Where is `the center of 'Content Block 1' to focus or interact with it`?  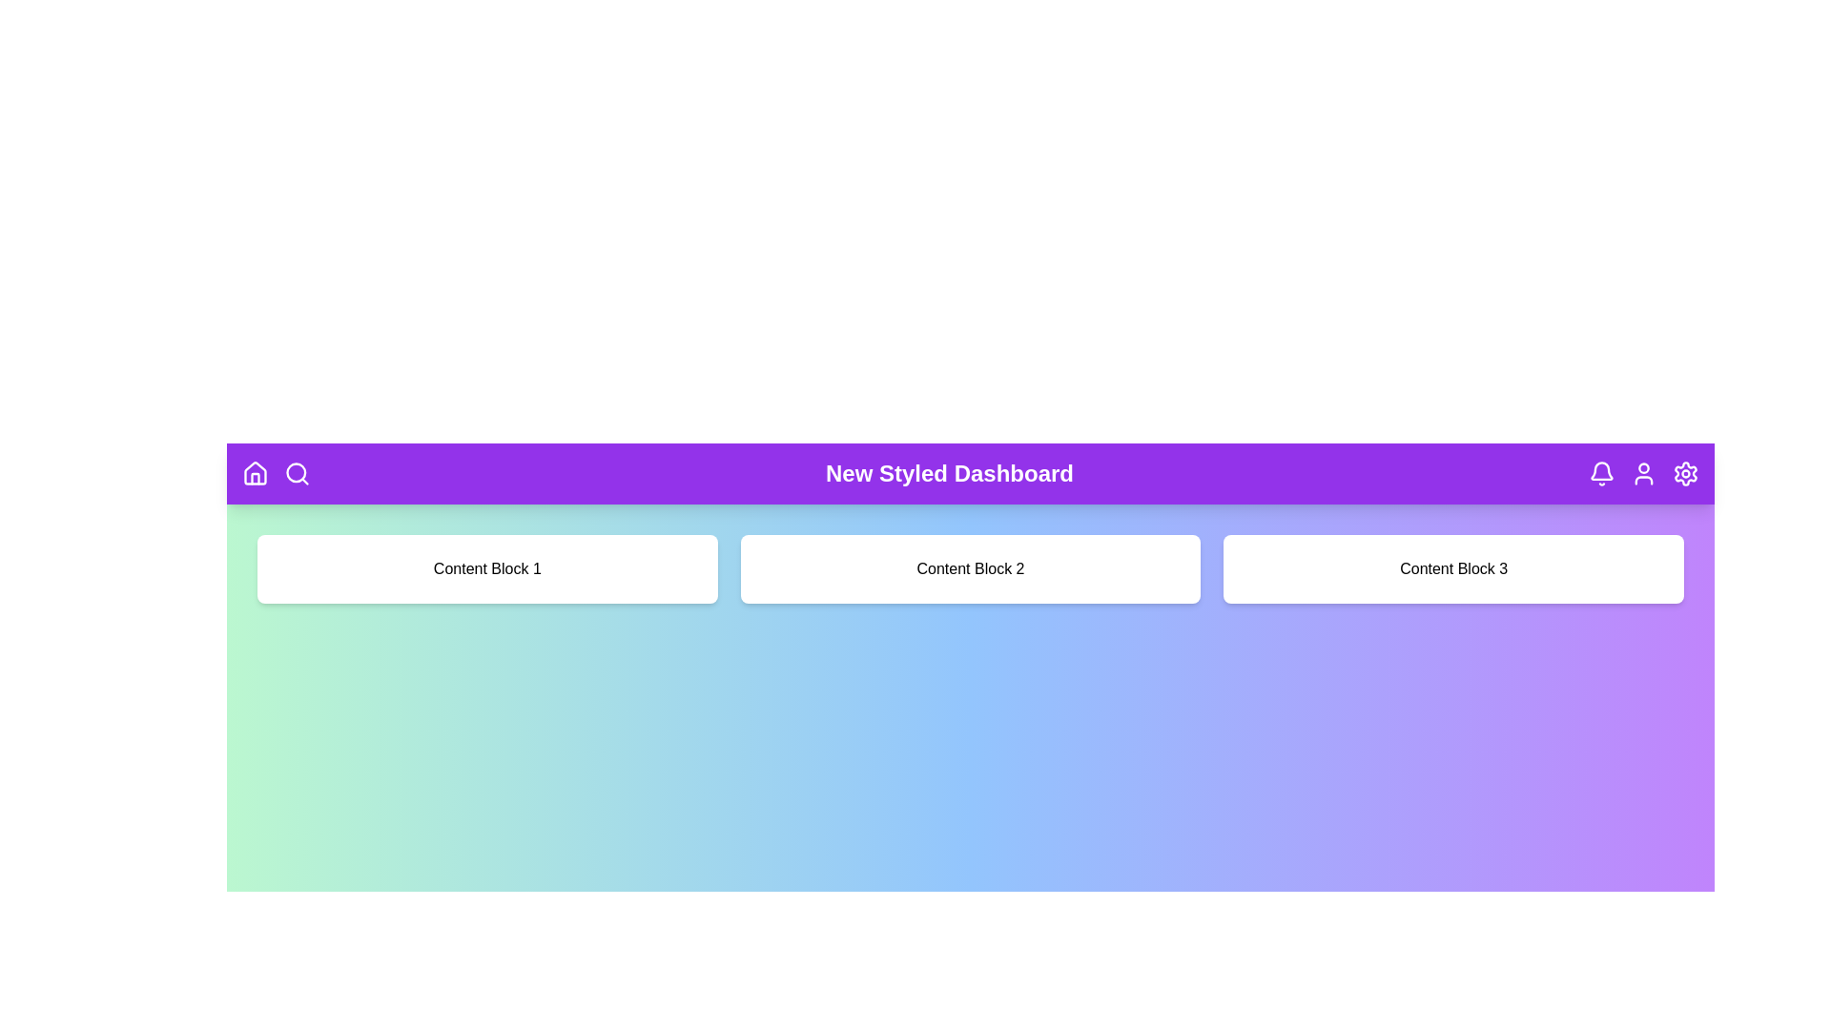 the center of 'Content Block 1' to focus or interact with it is located at coordinates (487, 568).